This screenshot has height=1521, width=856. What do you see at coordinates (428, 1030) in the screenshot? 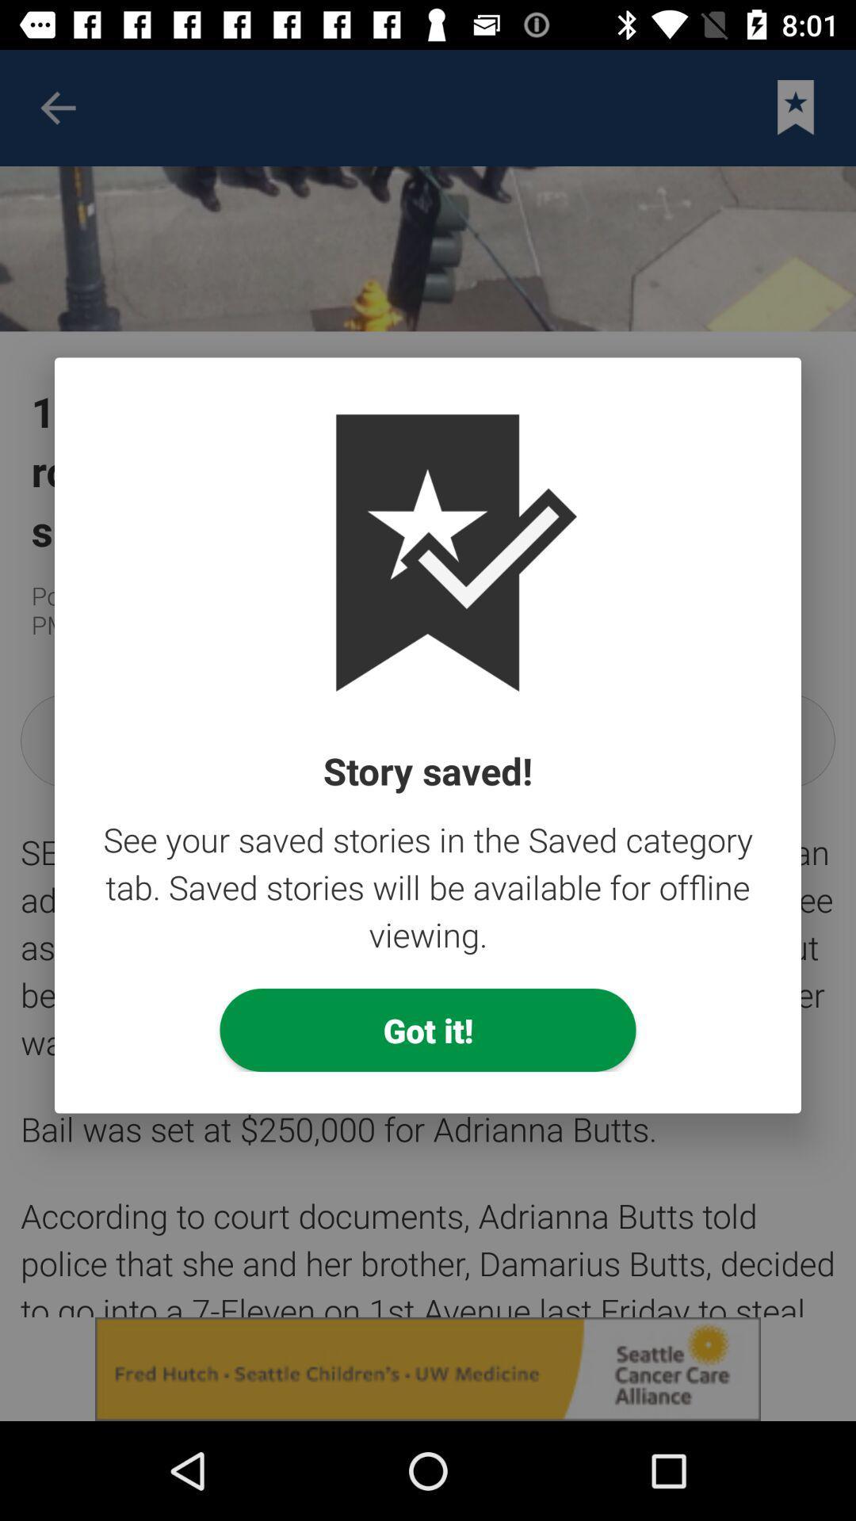
I see `got it! item` at bounding box center [428, 1030].